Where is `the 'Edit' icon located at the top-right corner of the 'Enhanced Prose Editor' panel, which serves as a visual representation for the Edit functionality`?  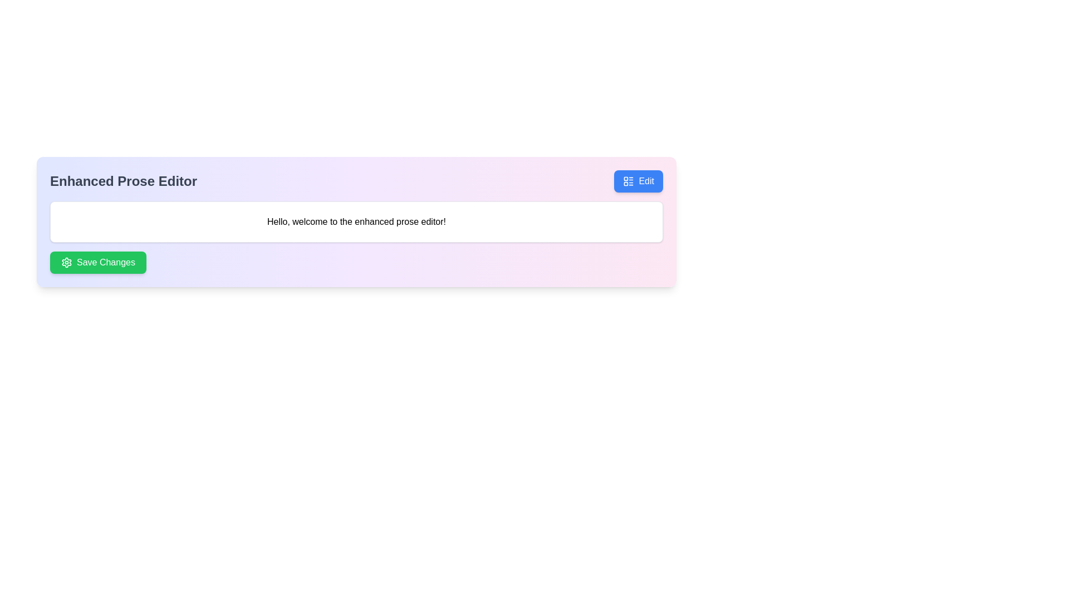
the 'Edit' icon located at the top-right corner of the 'Enhanced Prose Editor' panel, which serves as a visual representation for the Edit functionality is located at coordinates (629, 181).